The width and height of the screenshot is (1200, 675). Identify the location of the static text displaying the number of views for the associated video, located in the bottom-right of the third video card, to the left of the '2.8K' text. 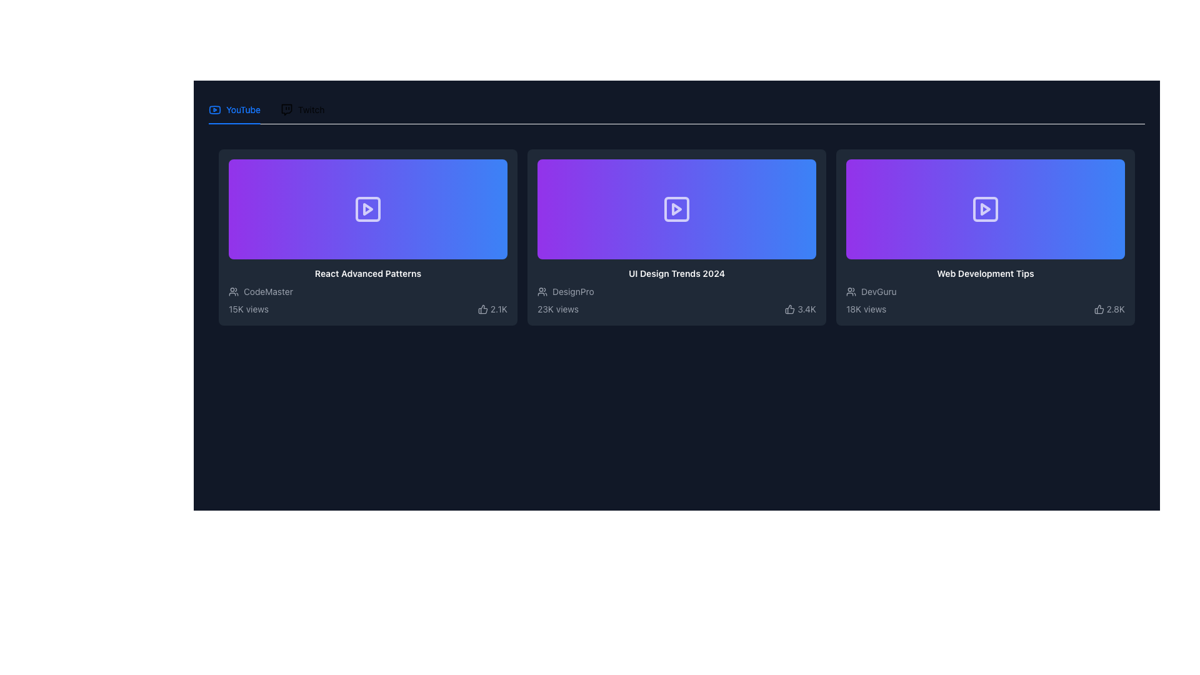
(866, 309).